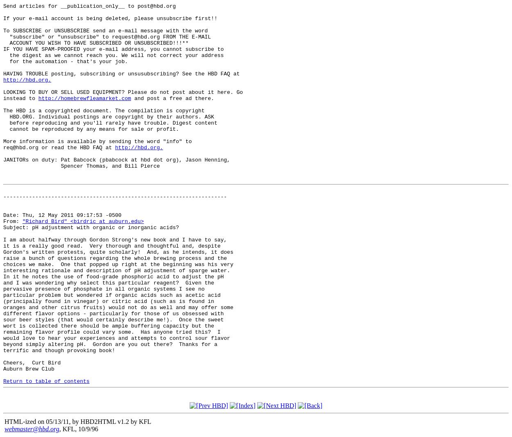 Image resolution: width=512 pixels, height=437 pixels. Describe the element at coordinates (112, 123) in the screenshot. I see `'and post a free ad there.

The HBD is a copyrighted document. The compilation is copyright 
  HBD.ORG. Individual postings are copyright by their authors. ASK 
  before reproducing and you'll rarely have trouble. Digest content 
  cannot be reproduced by any means for sale or profit.

More information is available by sending the word "info" to 
req@hbd.org or read the HBD FAQ at'` at that location.